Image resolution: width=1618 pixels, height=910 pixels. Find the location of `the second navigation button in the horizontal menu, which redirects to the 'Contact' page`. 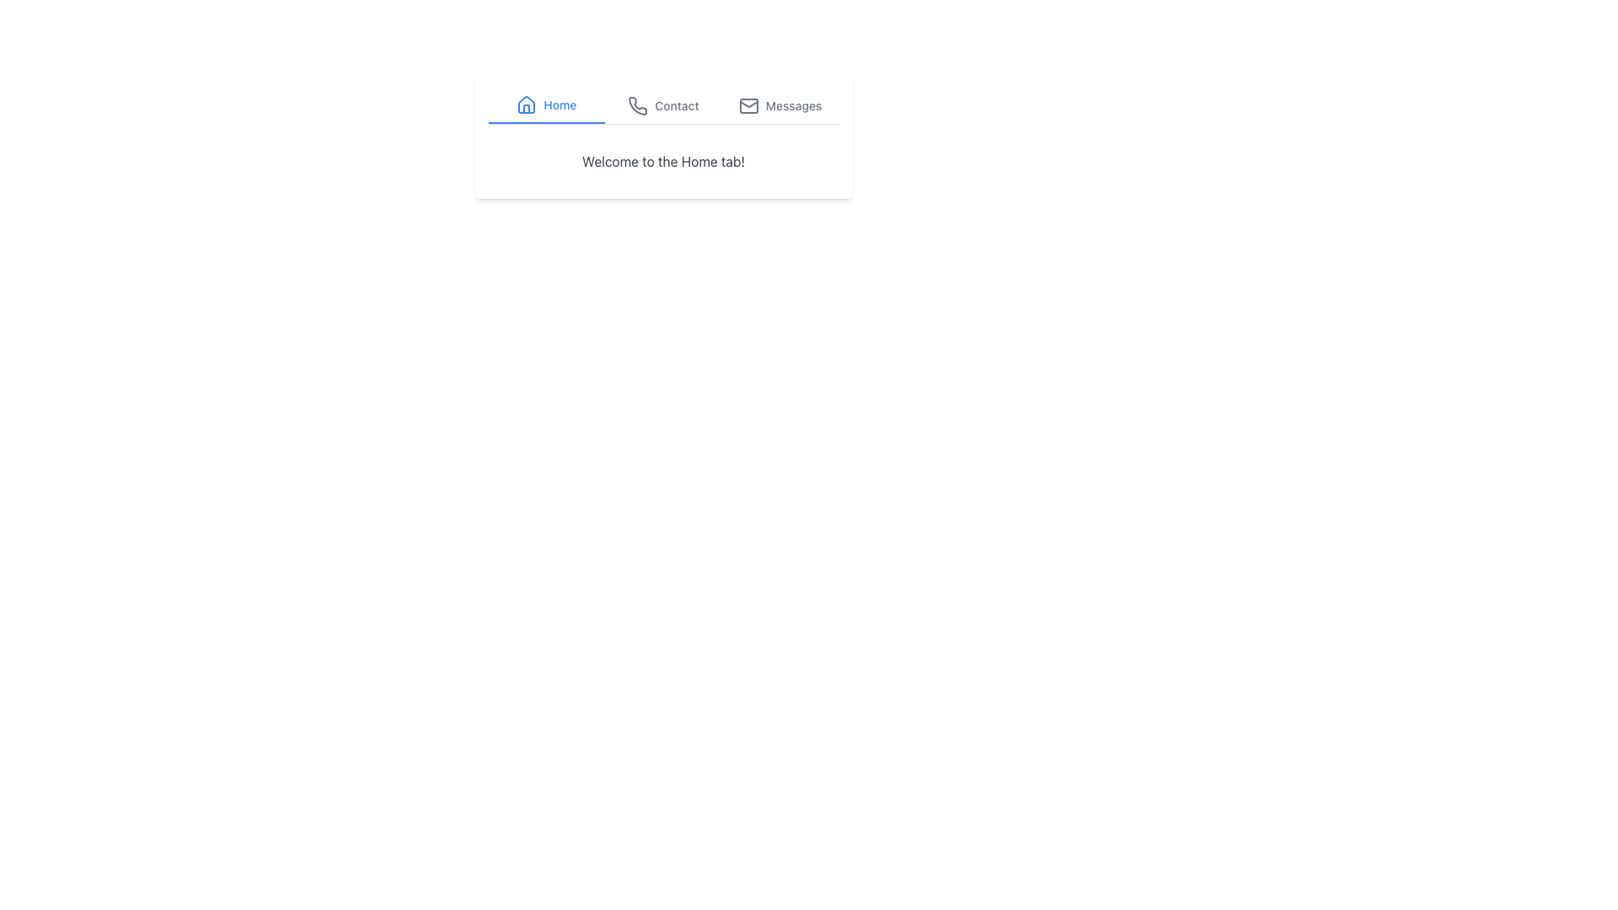

the second navigation button in the horizontal menu, which redirects to the 'Contact' page is located at coordinates (662, 106).